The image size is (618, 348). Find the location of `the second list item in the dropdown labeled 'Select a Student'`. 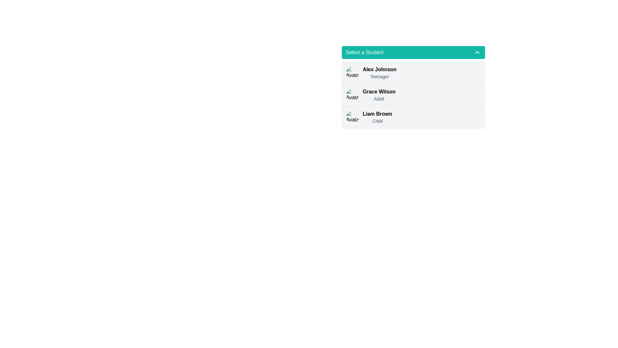

the second list item in the dropdown labeled 'Select a Student' is located at coordinates (413, 95).